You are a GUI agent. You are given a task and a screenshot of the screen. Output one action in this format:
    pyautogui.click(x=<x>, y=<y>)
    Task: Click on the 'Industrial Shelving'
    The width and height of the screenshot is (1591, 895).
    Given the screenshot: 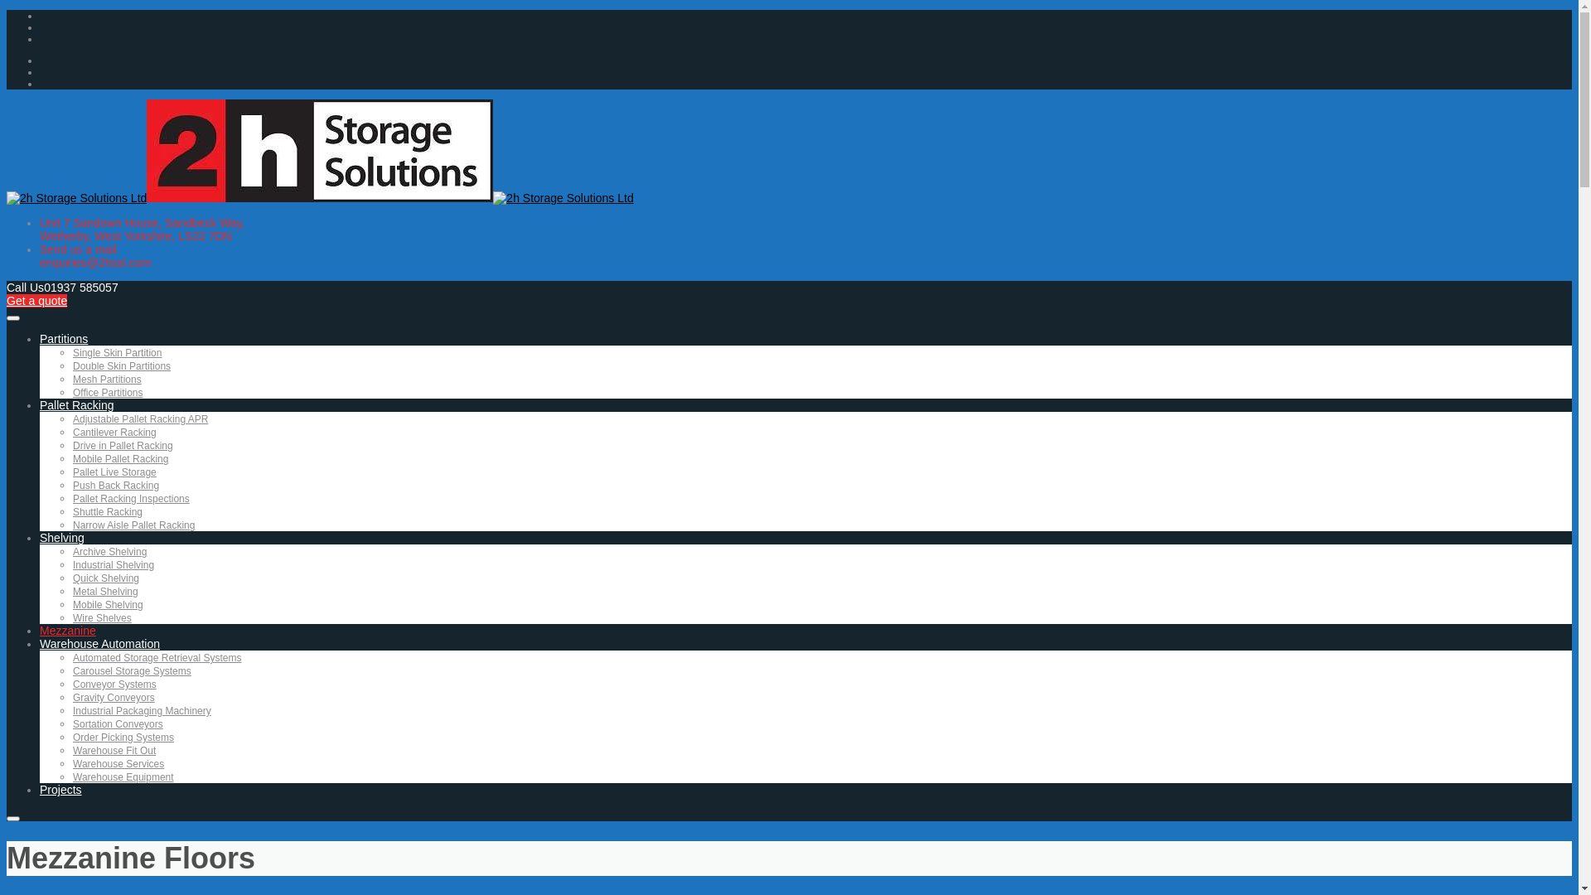 What is the action you would take?
    pyautogui.click(x=113, y=564)
    